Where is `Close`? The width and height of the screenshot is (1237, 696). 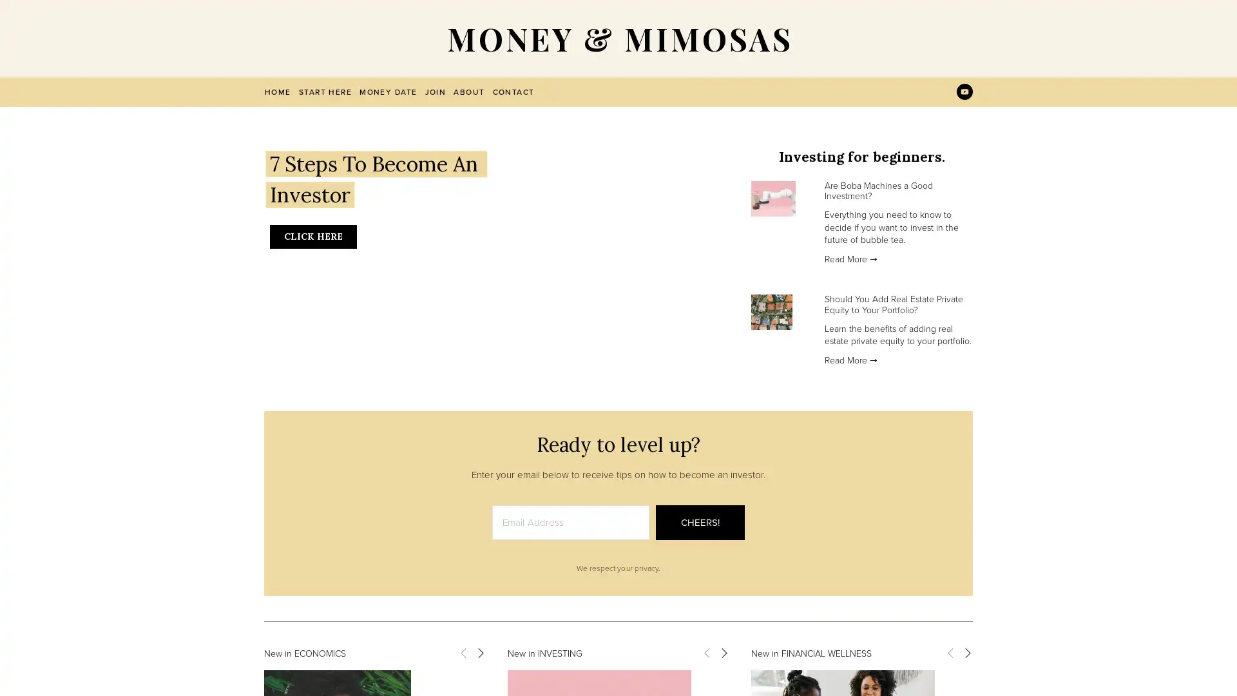 Close is located at coordinates (845, 189).